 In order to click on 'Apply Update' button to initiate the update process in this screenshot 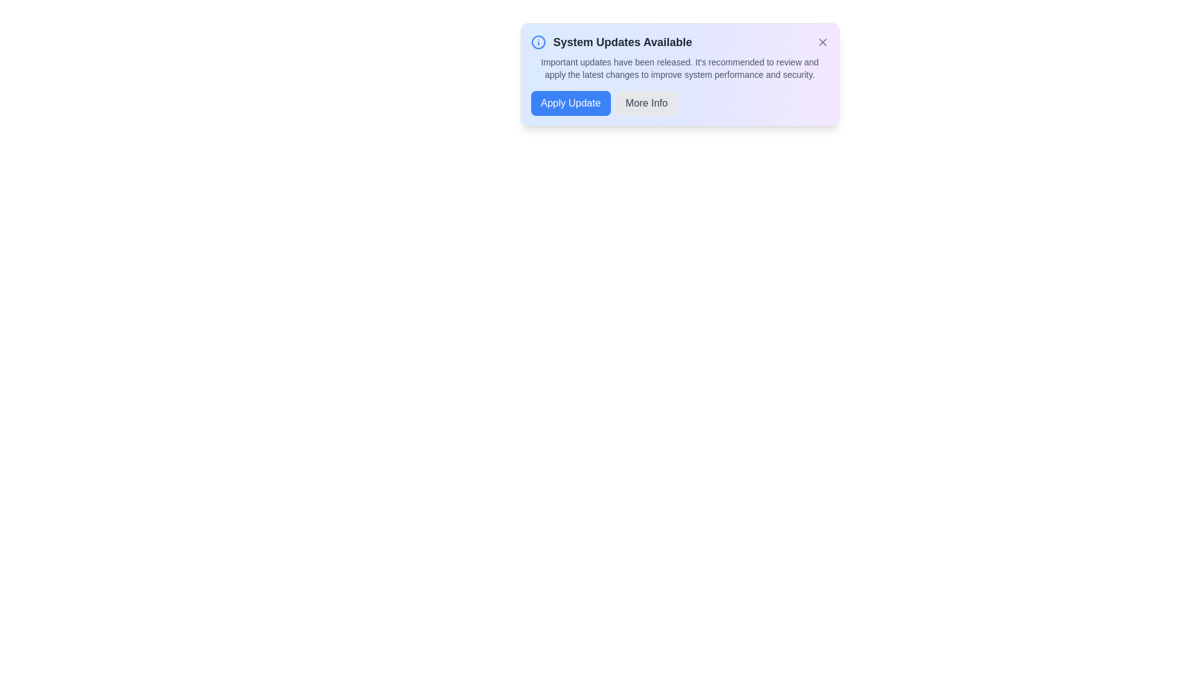, I will do `click(570, 102)`.